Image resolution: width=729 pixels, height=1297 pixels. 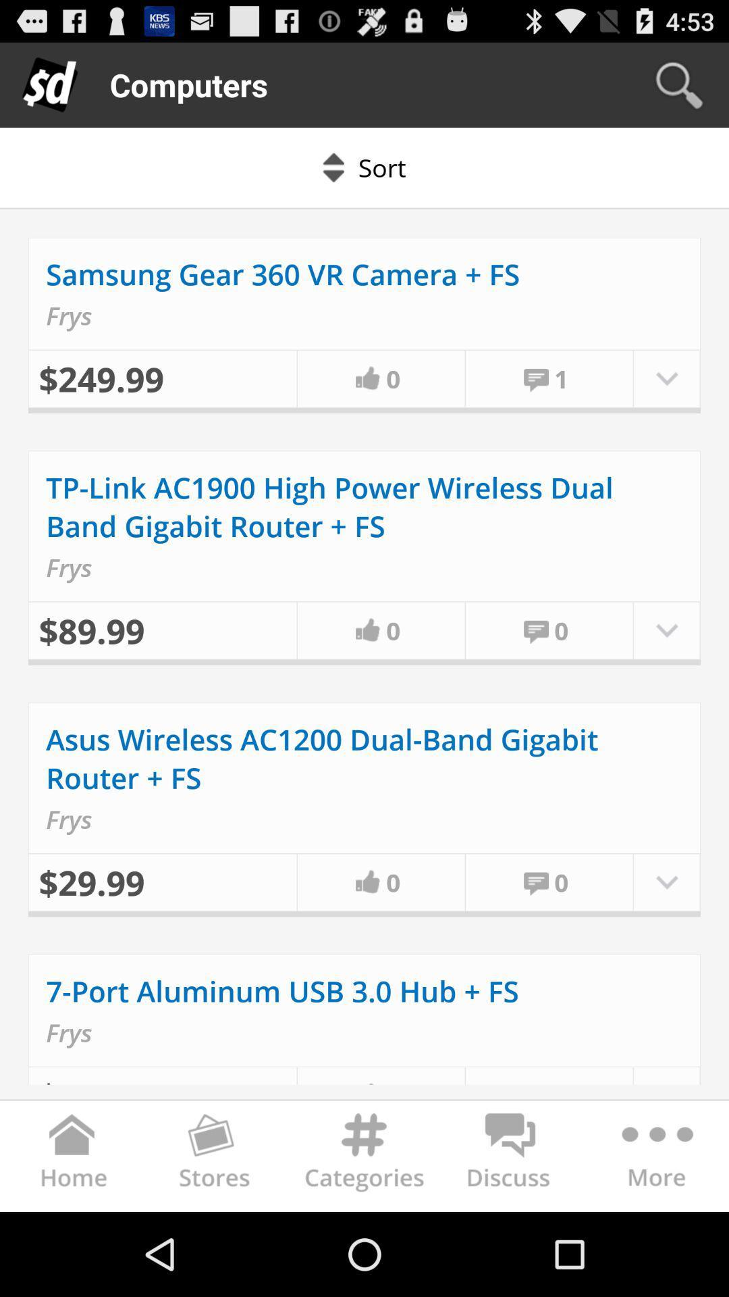 I want to click on the settings icon, so click(x=364, y=1240).